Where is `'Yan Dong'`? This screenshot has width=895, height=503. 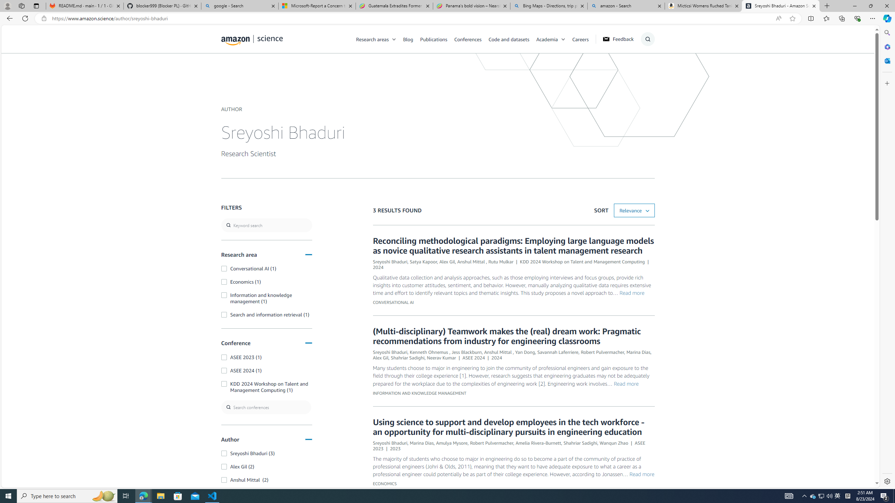 'Yan Dong' is located at coordinates (524, 352).